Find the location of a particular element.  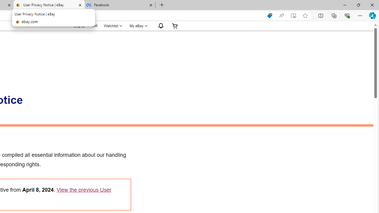

'My eBayExpand My eBay' is located at coordinates (138, 25).